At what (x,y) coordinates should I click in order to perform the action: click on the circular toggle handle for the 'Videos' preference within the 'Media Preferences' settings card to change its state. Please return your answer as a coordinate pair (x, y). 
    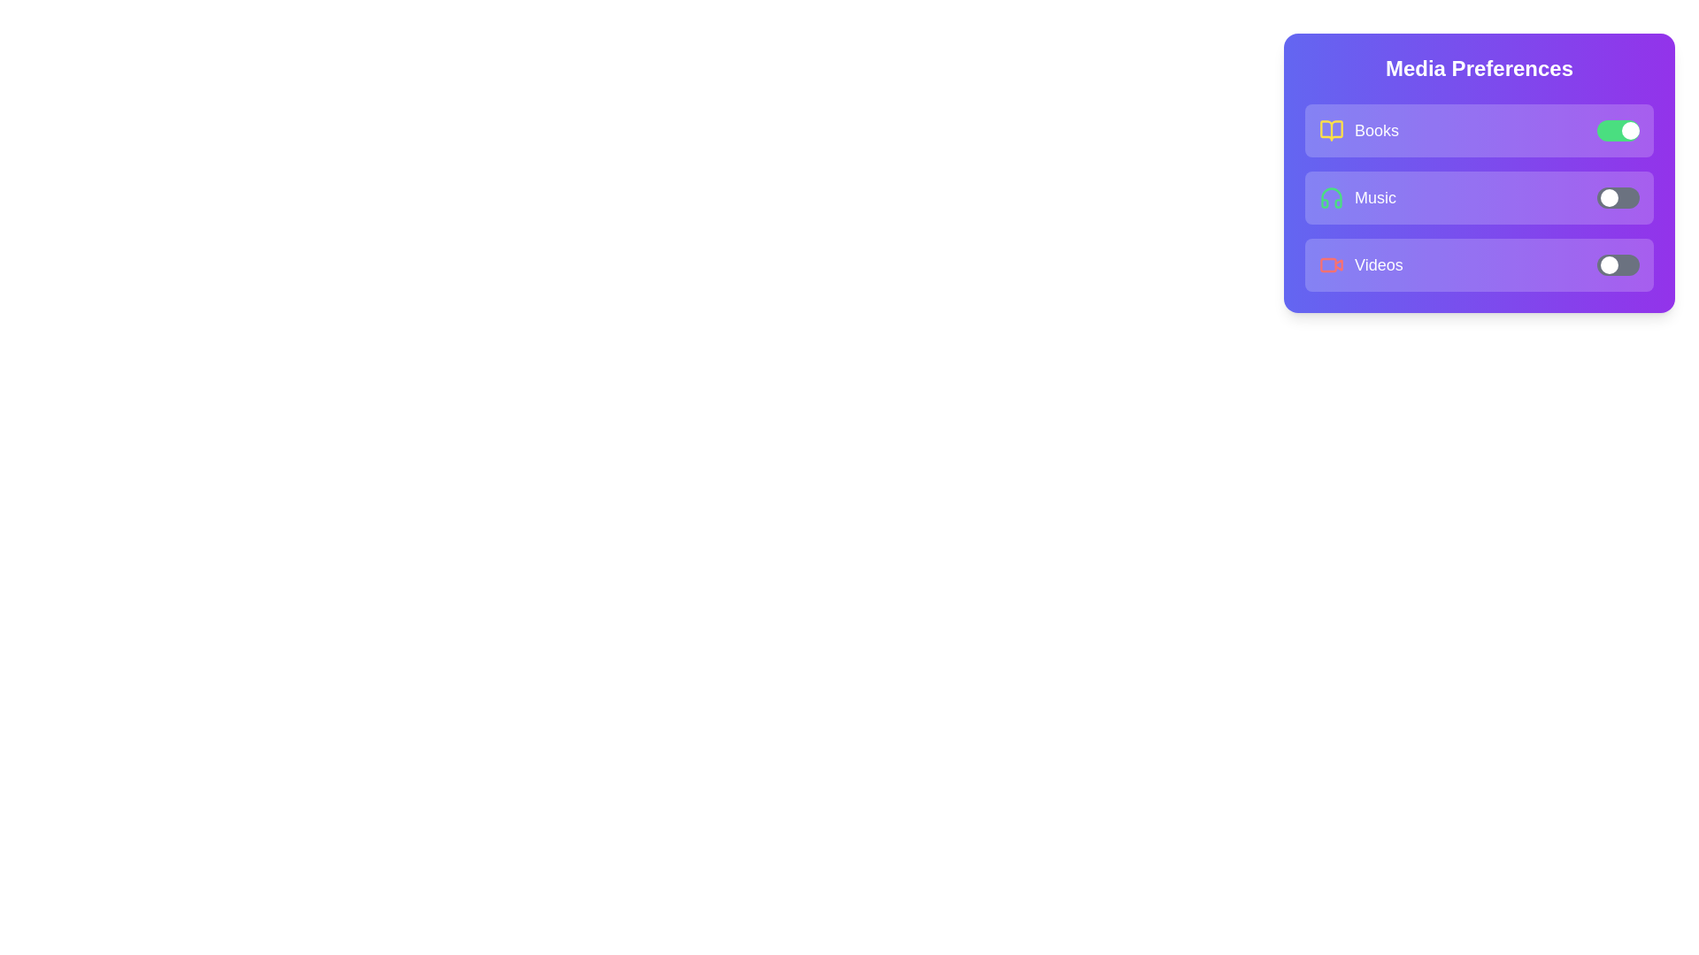
    Looking at the image, I should click on (1610, 265).